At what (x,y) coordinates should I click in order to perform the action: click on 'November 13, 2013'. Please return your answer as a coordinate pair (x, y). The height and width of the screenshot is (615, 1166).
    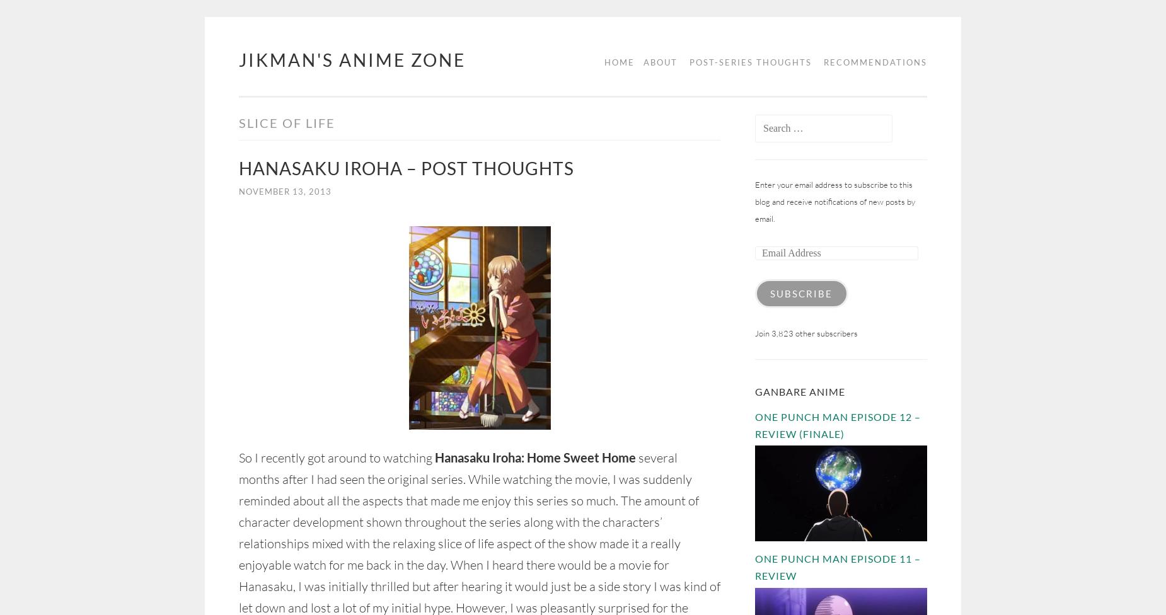
    Looking at the image, I should click on (284, 192).